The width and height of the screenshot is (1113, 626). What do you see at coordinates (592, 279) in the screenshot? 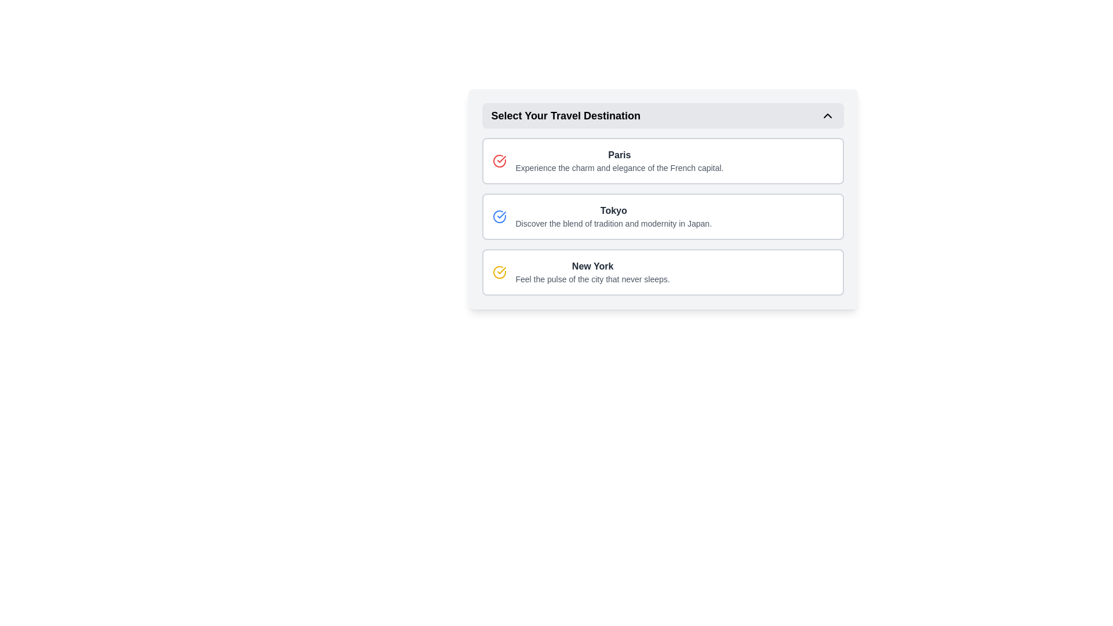
I see `the label element displaying 'Feel the pulse of the city that never sleeps.' which is positioned below the title 'New York' in the travel destination selection list` at bounding box center [592, 279].